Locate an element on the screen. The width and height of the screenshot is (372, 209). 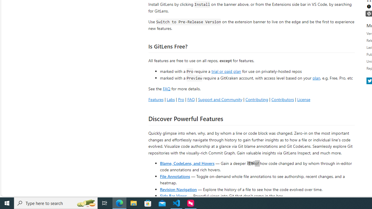
'License' is located at coordinates (303, 99).